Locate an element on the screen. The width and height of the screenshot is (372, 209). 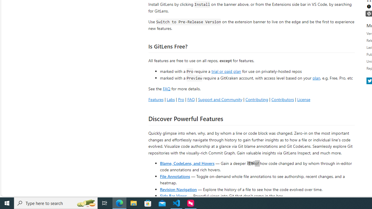
'License' is located at coordinates (303, 99).